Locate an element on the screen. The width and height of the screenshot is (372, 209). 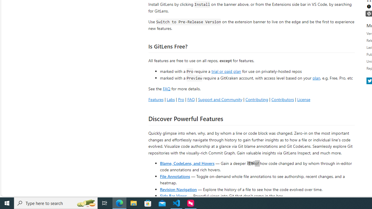
'License' is located at coordinates (303, 99).